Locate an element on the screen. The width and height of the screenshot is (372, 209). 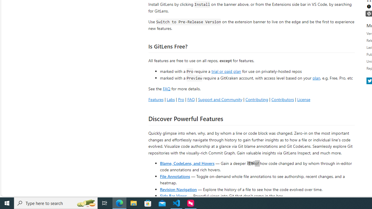
'License' is located at coordinates (303, 99).